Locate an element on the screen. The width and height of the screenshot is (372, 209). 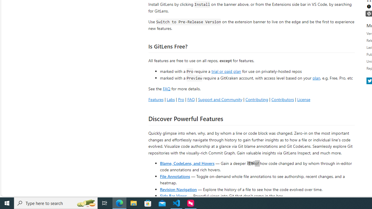
'License' is located at coordinates (303, 99).